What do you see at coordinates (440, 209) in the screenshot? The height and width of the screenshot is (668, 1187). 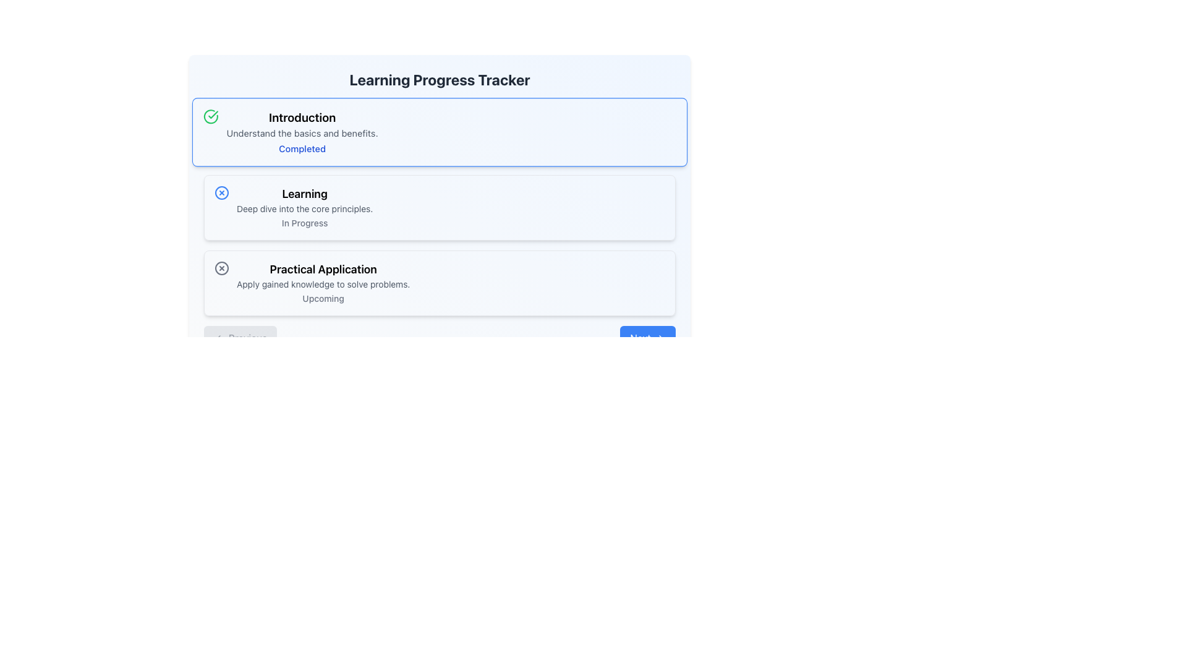 I see `the 'Learning' progress item in the Learning Progress Tracker to interact with it` at bounding box center [440, 209].